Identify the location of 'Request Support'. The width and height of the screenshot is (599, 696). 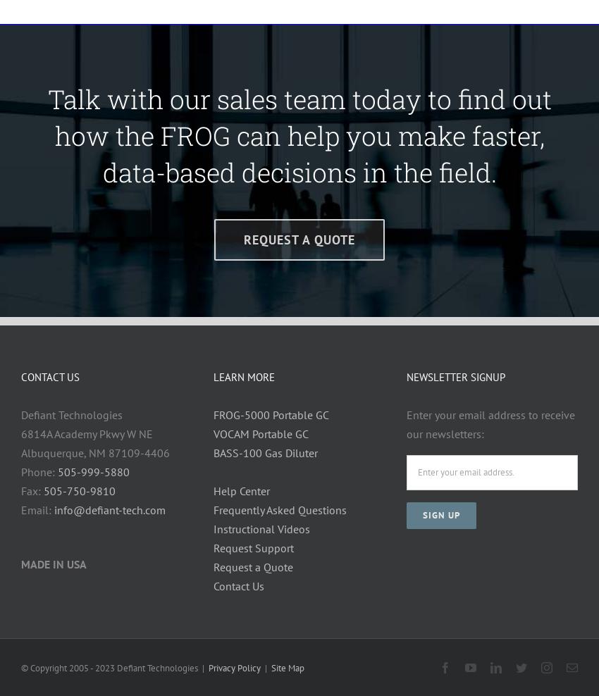
(252, 546).